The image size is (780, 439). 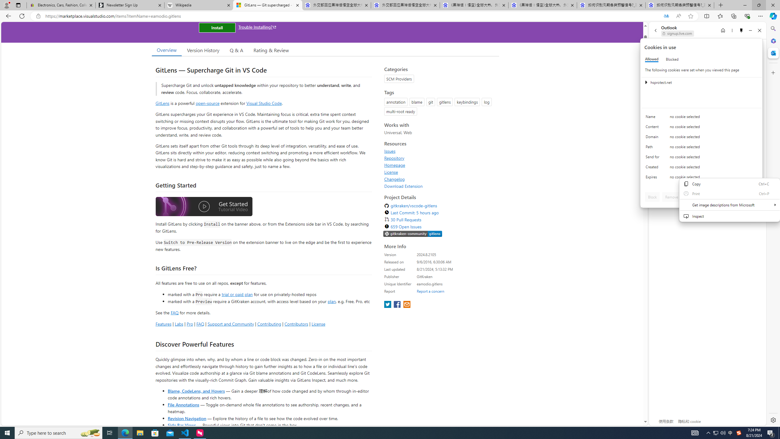 I want to click on 'Inspect', so click(x=729, y=216).